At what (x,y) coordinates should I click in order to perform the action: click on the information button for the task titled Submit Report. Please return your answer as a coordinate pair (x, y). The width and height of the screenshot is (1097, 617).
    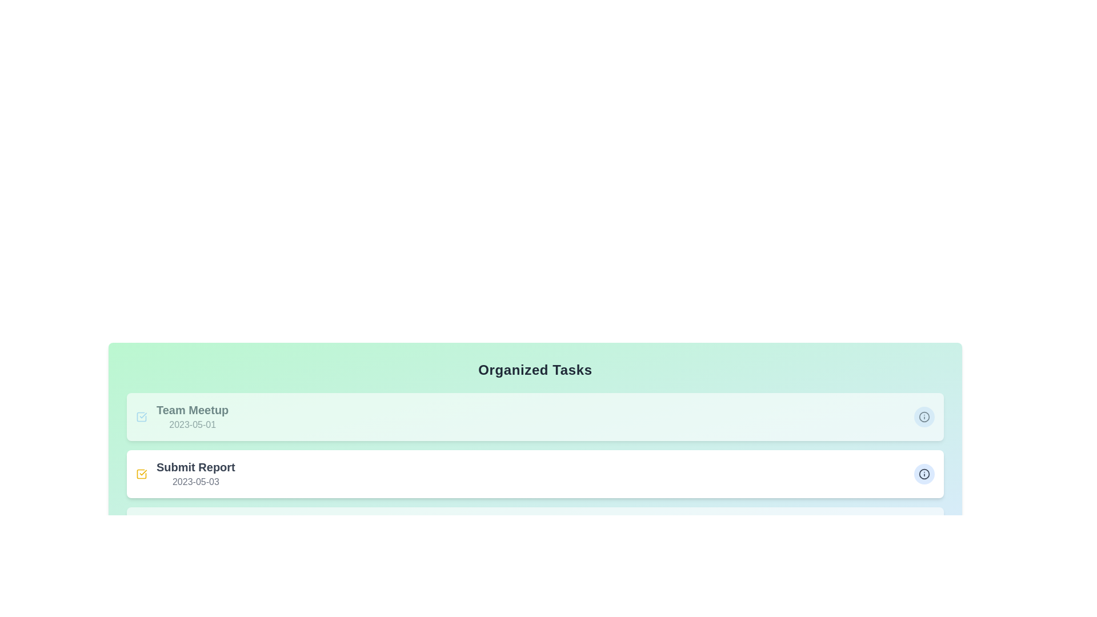
    Looking at the image, I should click on (924, 474).